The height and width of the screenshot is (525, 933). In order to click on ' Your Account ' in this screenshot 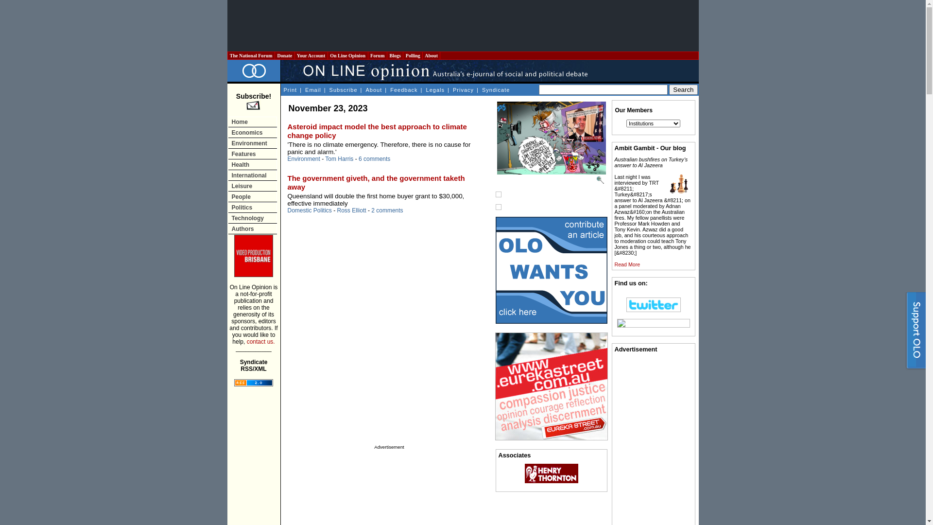, I will do `click(311, 55)`.